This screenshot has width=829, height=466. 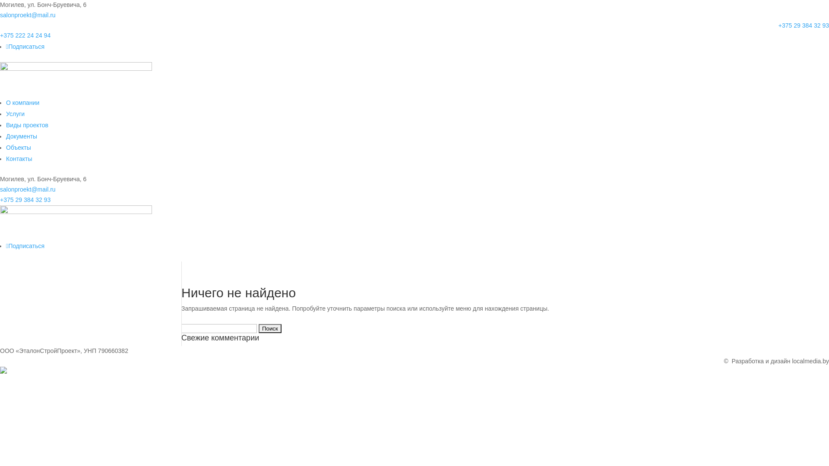 What do you see at coordinates (76, 79) in the screenshot?
I see `'New Project'` at bounding box center [76, 79].